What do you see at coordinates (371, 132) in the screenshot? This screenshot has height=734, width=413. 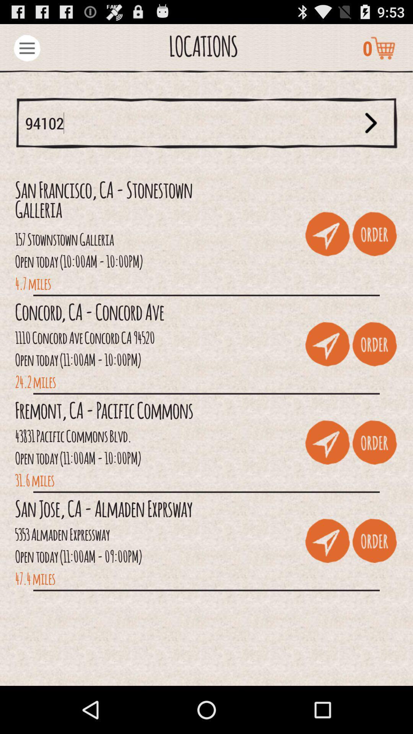 I see `the play icon` at bounding box center [371, 132].